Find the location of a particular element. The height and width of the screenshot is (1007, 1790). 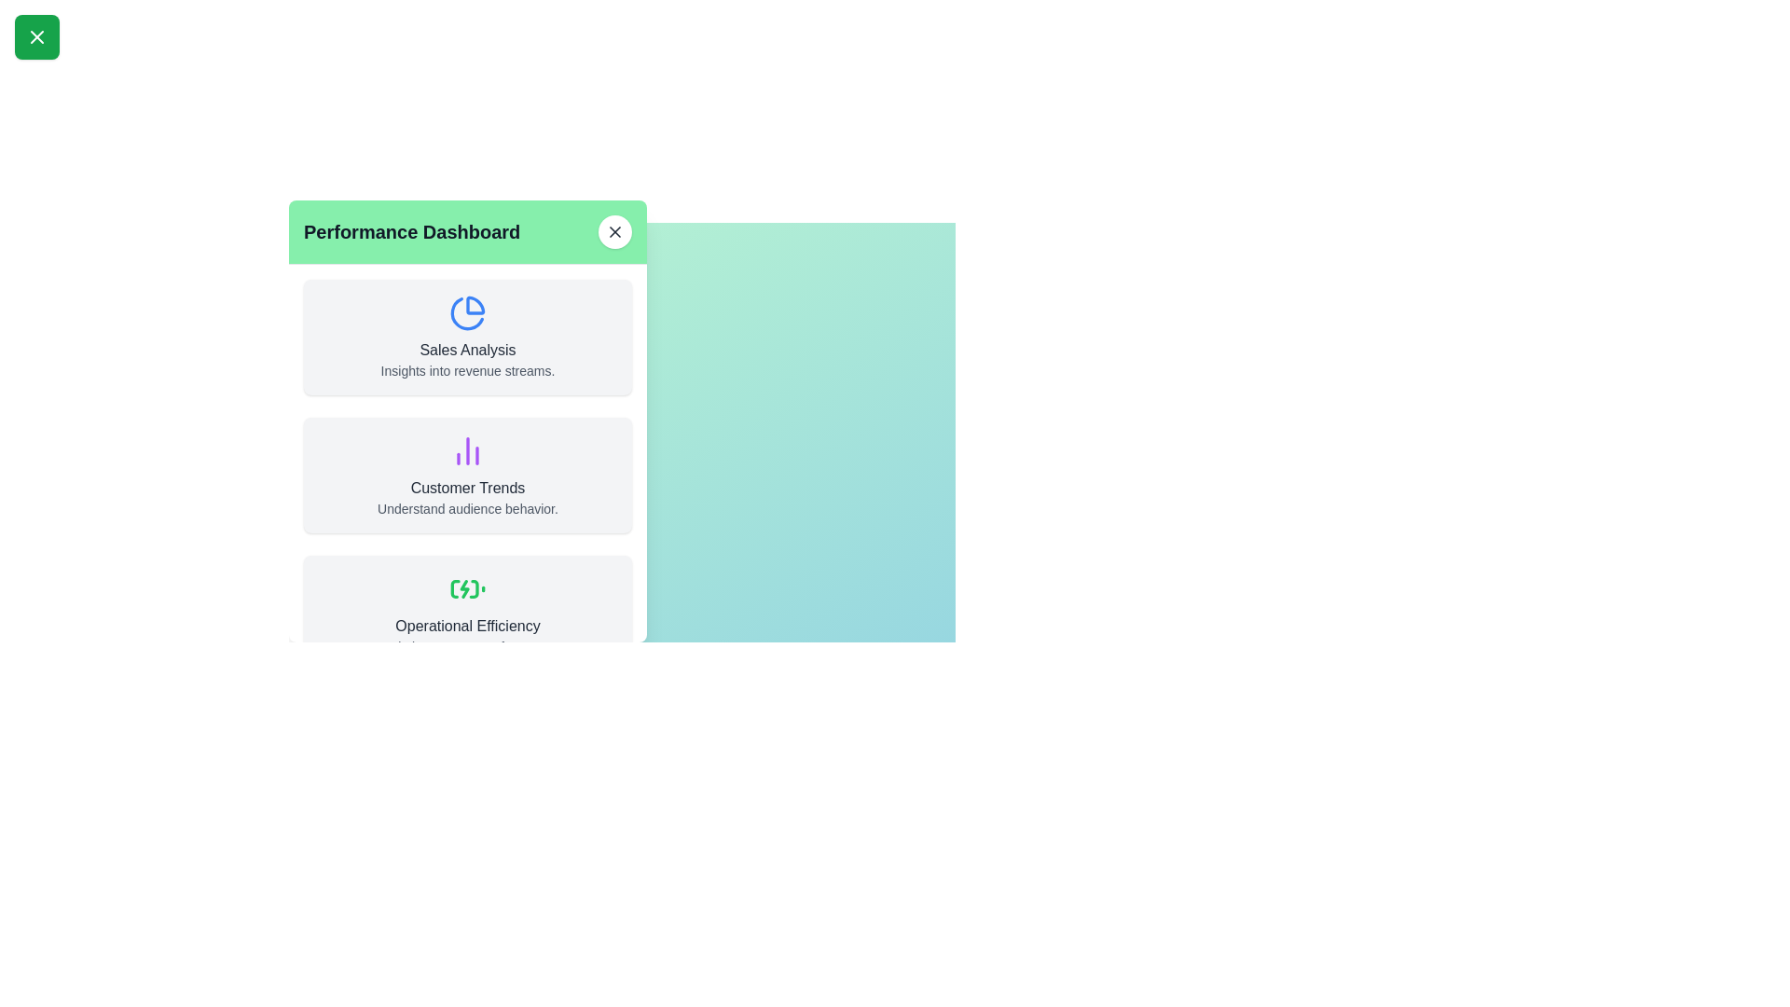

the close button located in the top-right corner of the green title bar labeled 'Performance Dashboard' is located at coordinates (615, 231).